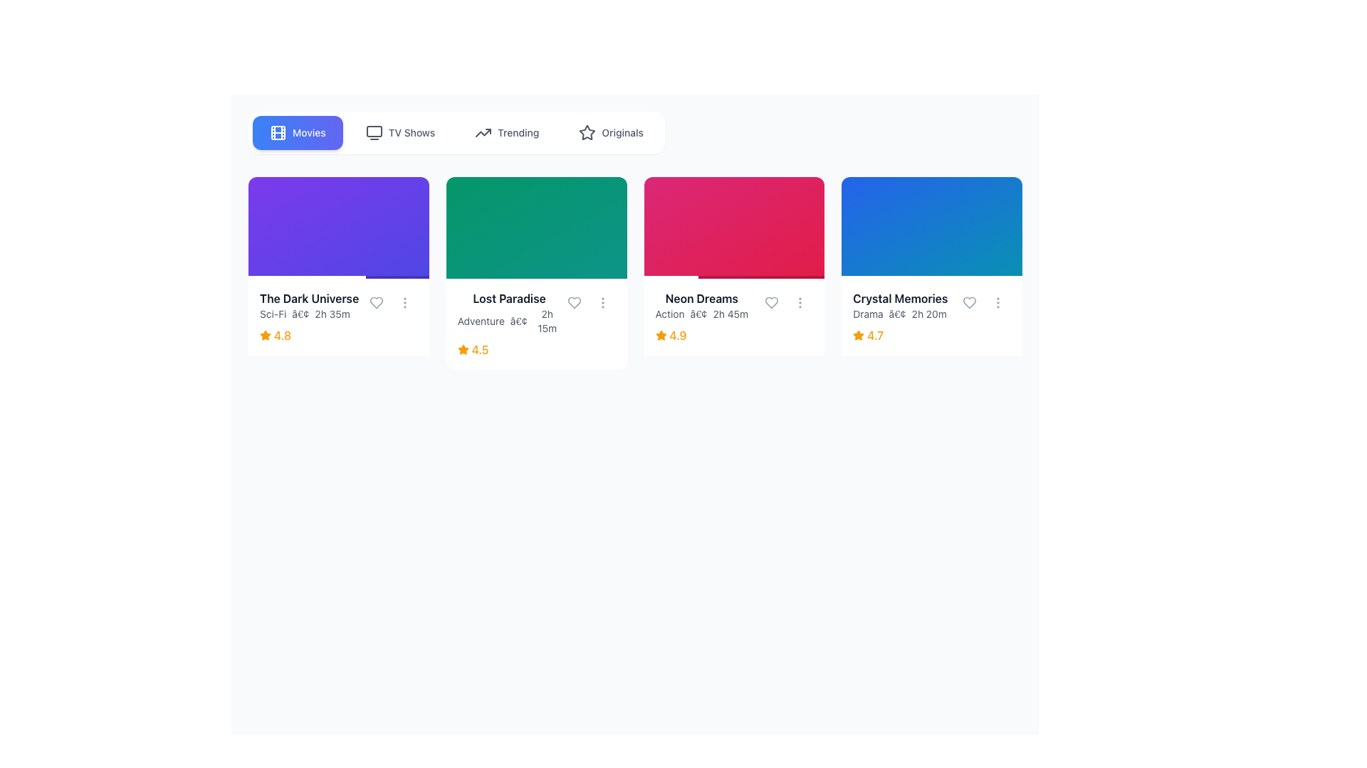 Image resolution: width=1367 pixels, height=768 pixels. What do you see at coordinates (300, 313) in the screenshot?
I see `the bullet point character that separates 'Sci-Fi' and '2h 35m' in the content row under the title 'The Dark Universe'` at bounding box center [300, 313].